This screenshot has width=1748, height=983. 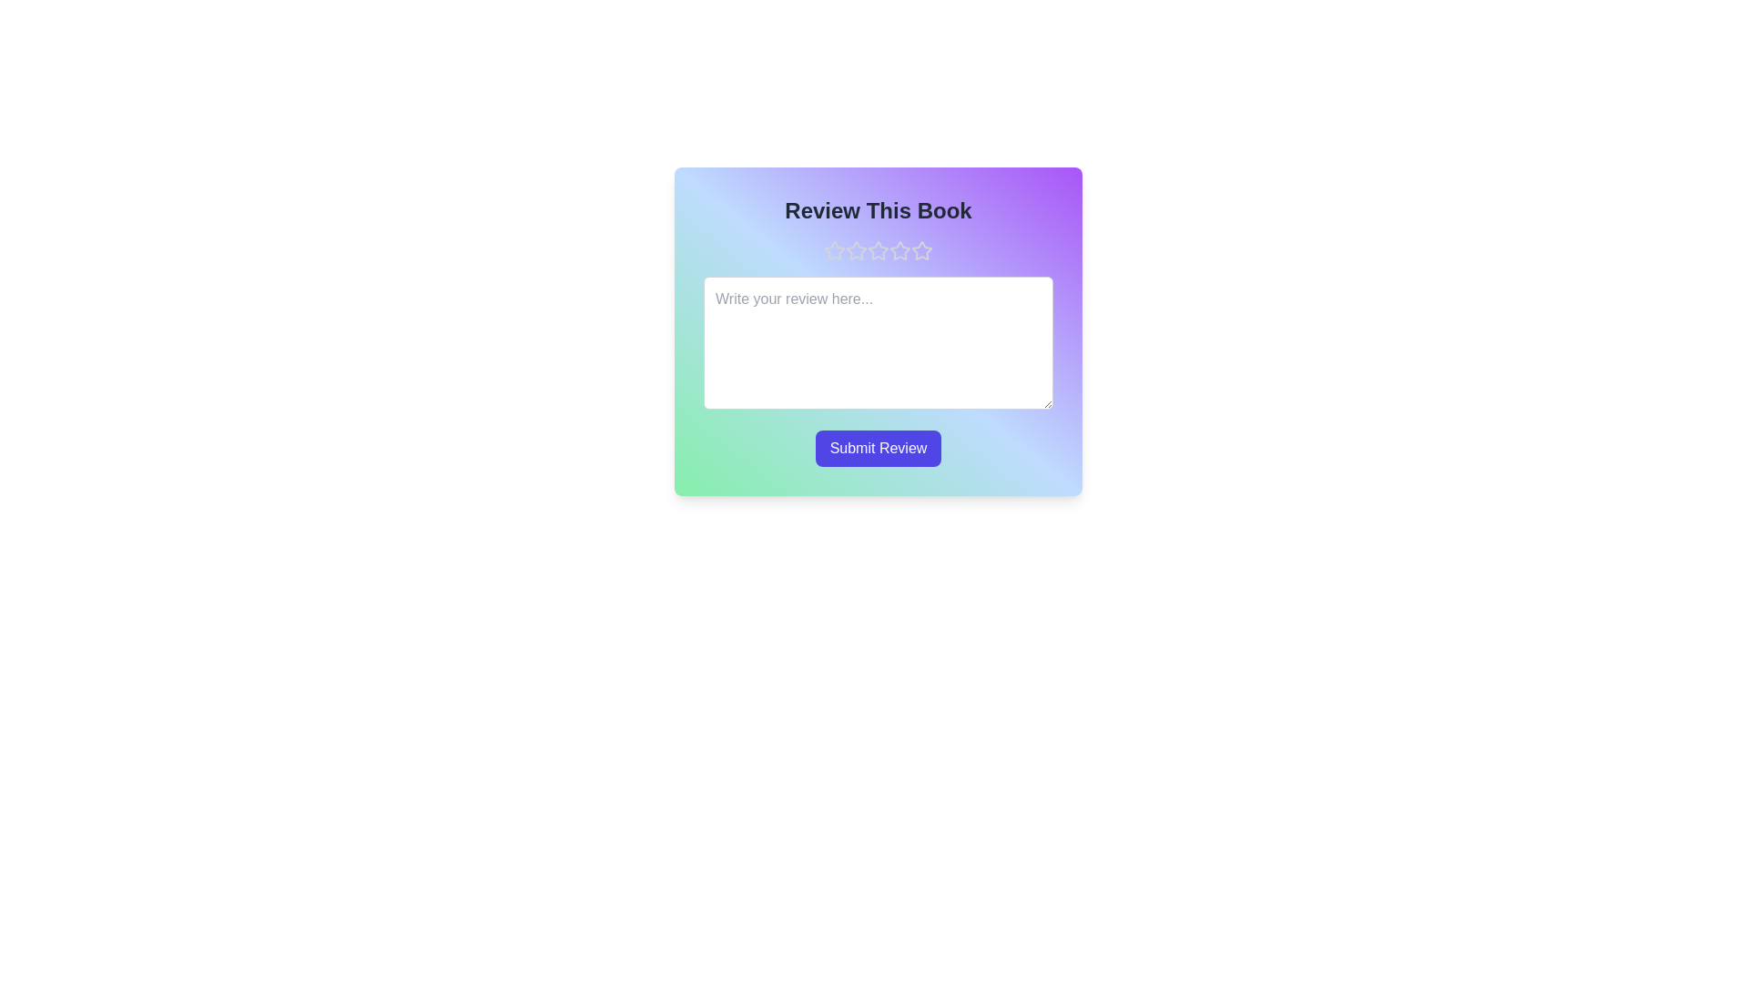 What do you see at coordinates (855, 251) in the screenshot?
I see `the star corresponding to 2 stars to preview the rating` at bounding box center [855, 251].